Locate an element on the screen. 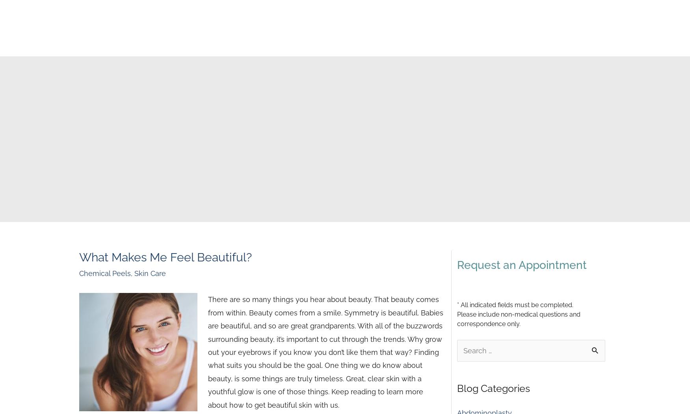 The width and height of the screenshot is (690, 414). 'January 2013' is located at coordinates (478, 163).